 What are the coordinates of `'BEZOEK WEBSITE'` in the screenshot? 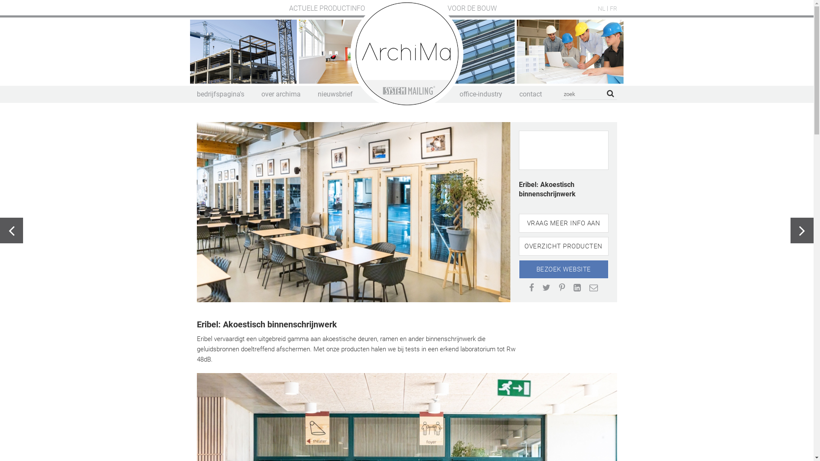 It's located at (563, 269).